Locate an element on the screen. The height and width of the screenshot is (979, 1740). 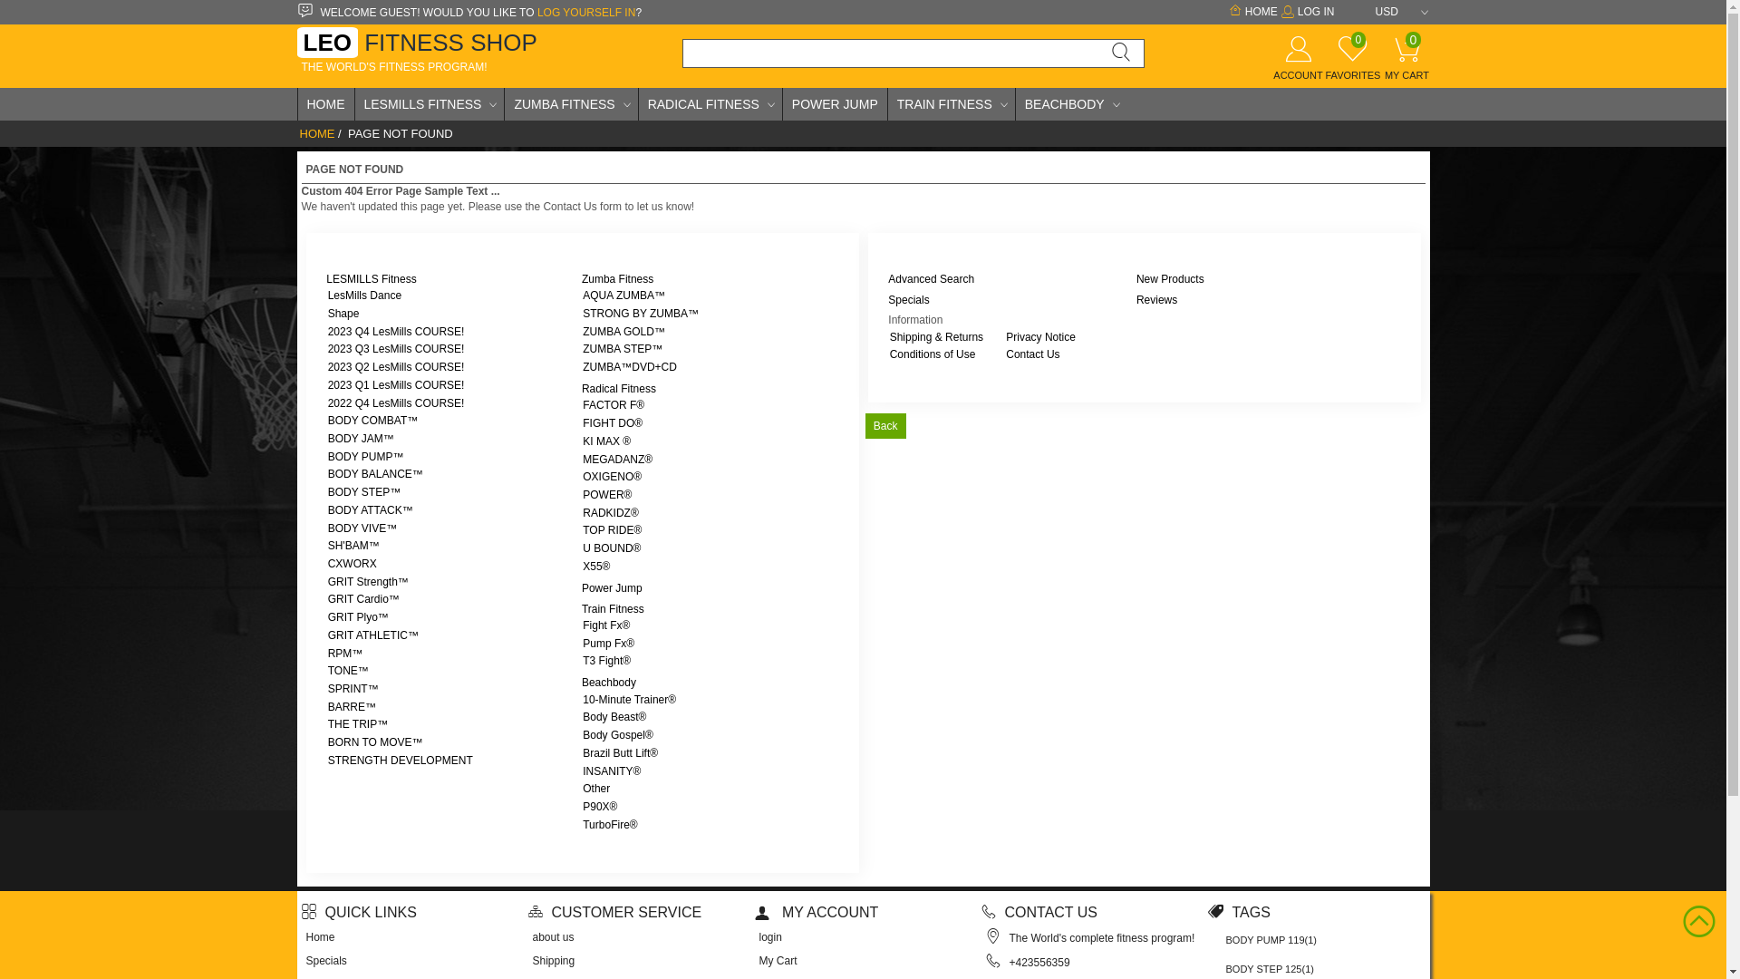
'HOME' is located at coordinates (316, 132).